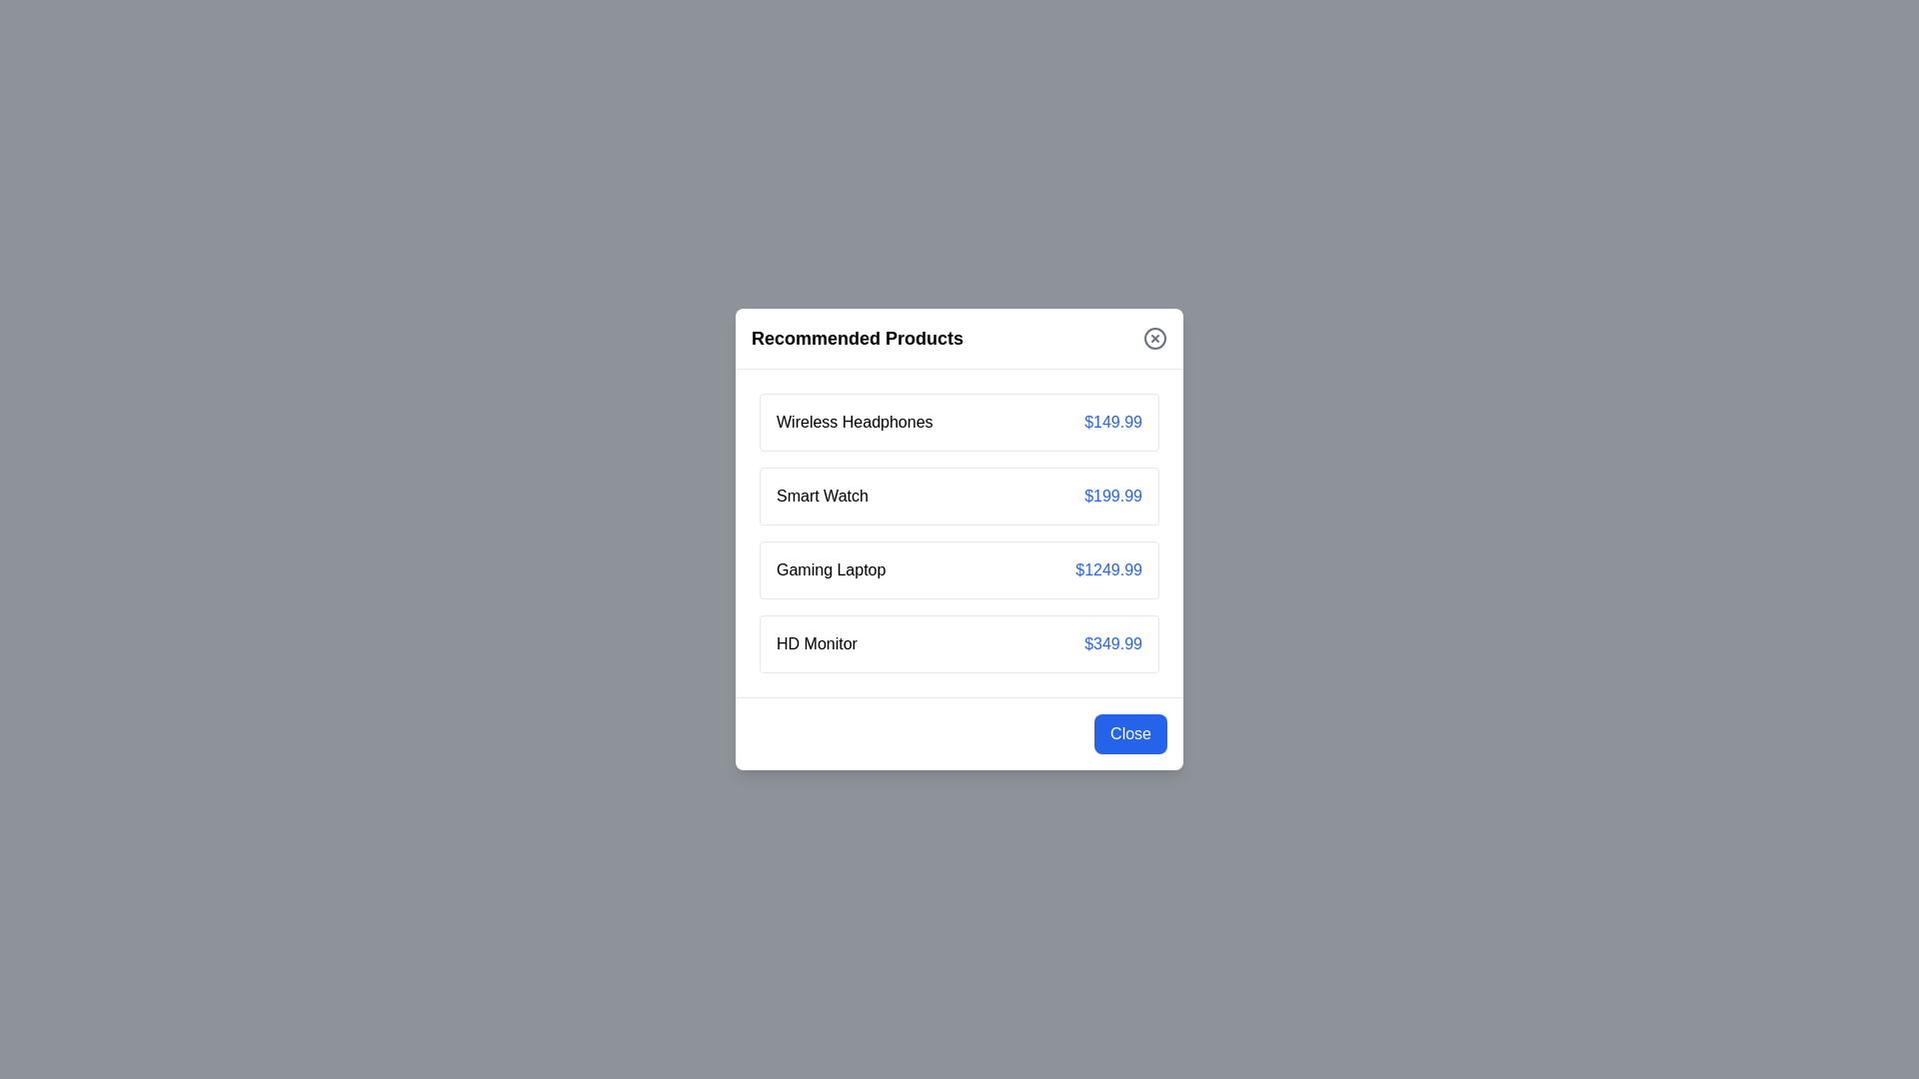  What do you see at coordinates (1155, 338) in the screenshot?
I see `the close button located at the top-right of the dialog` at bounding box center [1155, 338].